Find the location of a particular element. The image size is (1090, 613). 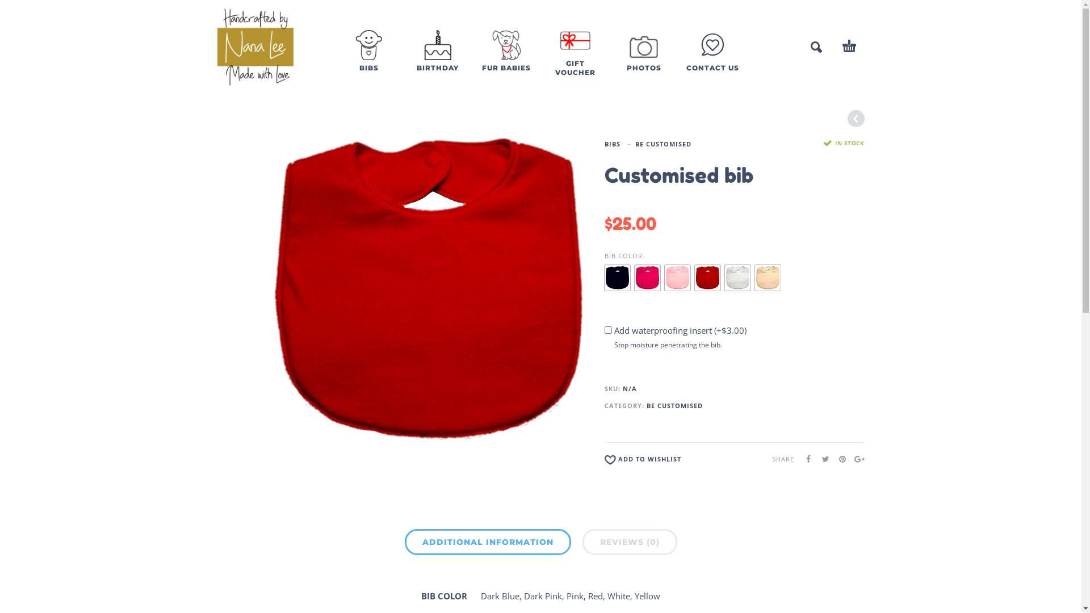

'Share on Facebook' is located at coordinates (795, 458).